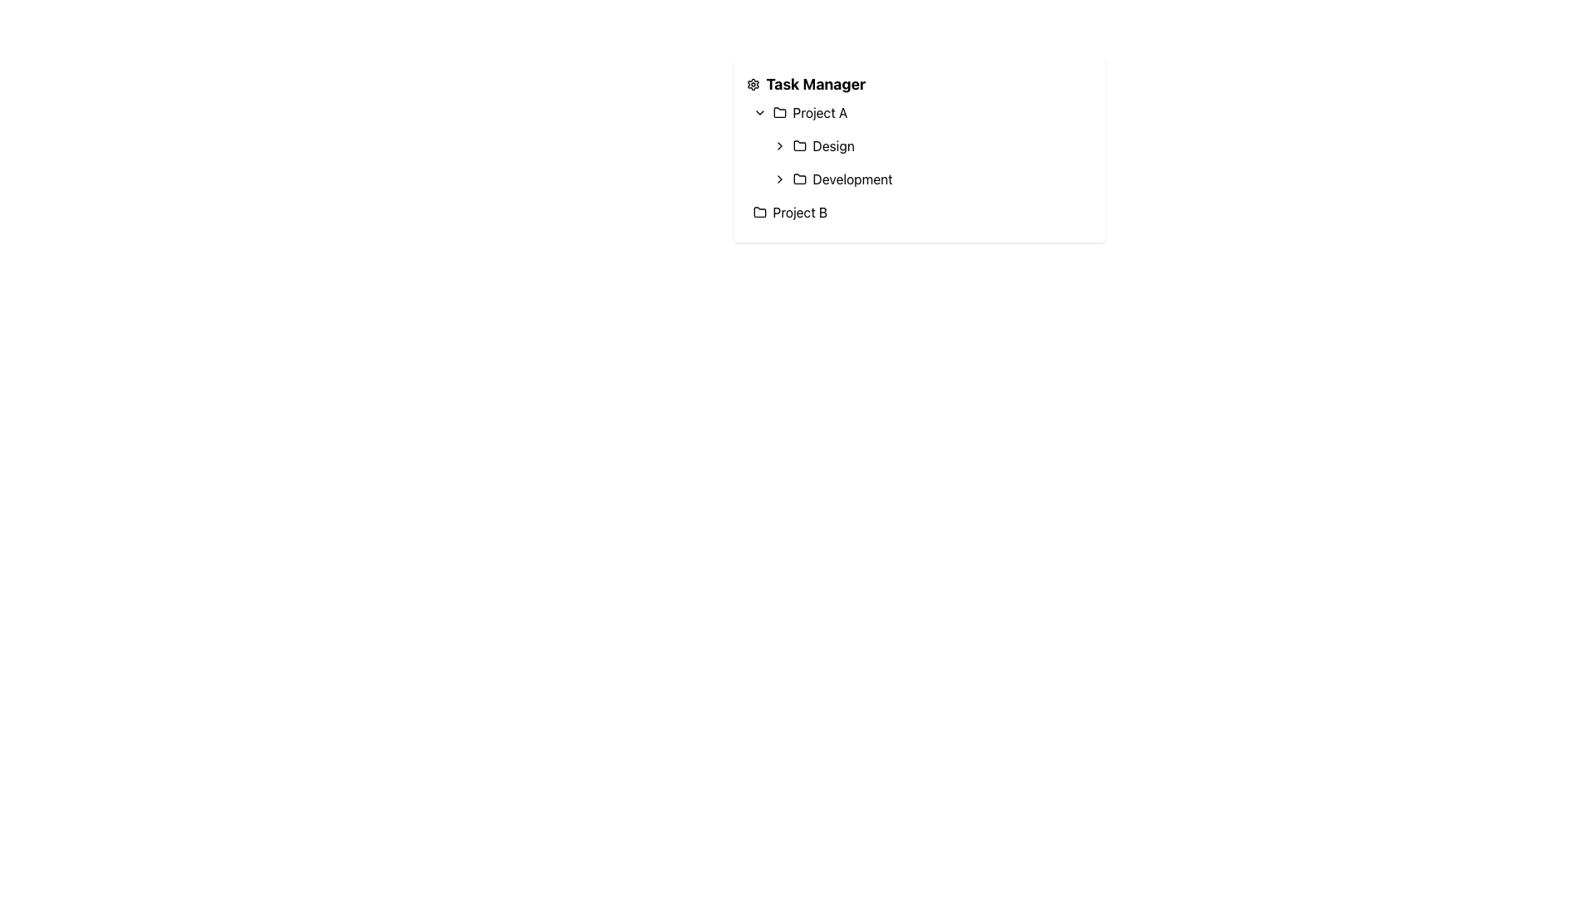 The height and width of the screenshot is (897, 1595). What do you see at coordinates (799, 145) in the screenshot?
I see `the folder-shaped icon with a thin black outline, located to the right of the arrow-chevron icon in the 'Design' row of the Task Manager view` at bounding box center [799, 145].